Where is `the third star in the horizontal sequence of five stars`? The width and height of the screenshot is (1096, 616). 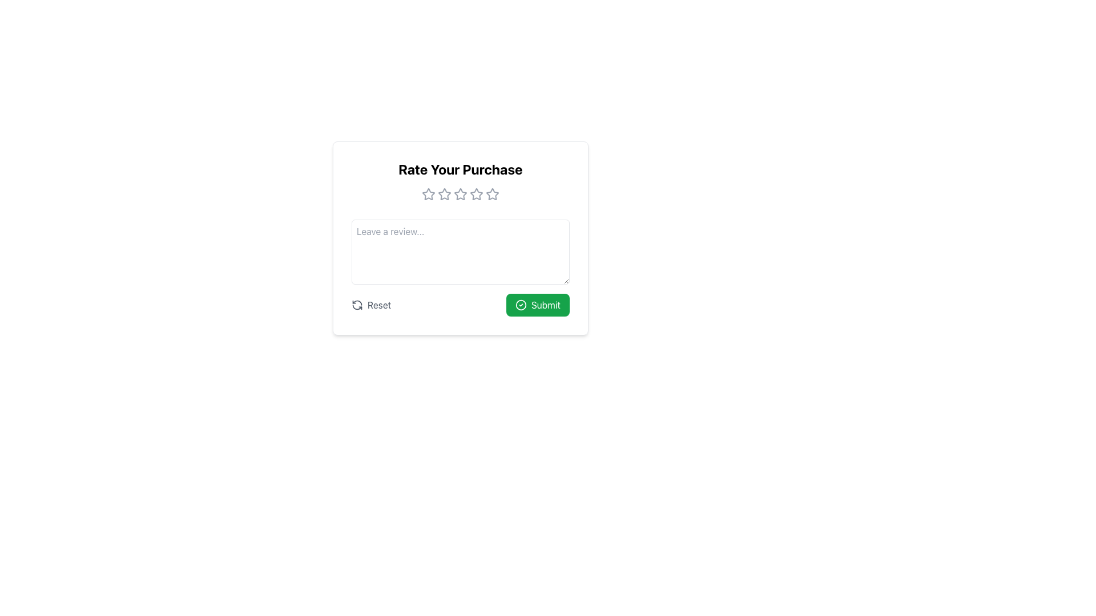 the third star in the horizontal sequence of five stars is located at coordinates (444, 193).